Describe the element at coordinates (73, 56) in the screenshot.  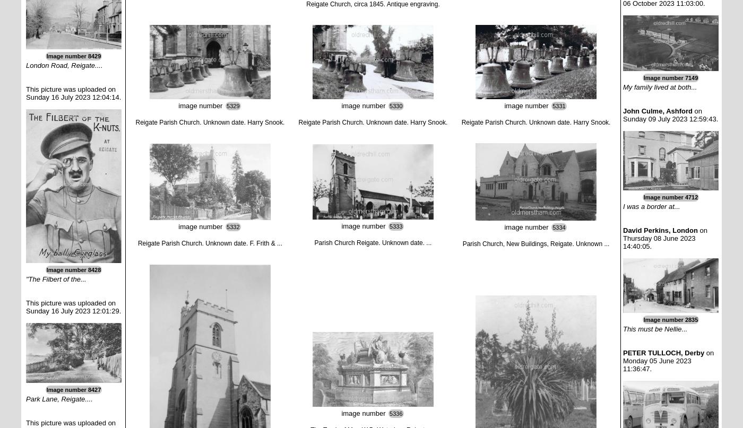
I see `'Image number 8429'` at that location.